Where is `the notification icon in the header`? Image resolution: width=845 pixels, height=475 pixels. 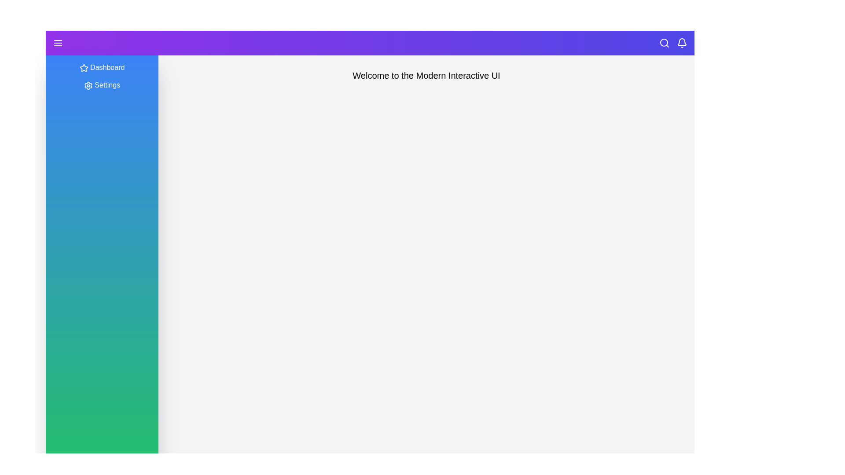
the notification icon in the header is located at coordinates (682, 43).